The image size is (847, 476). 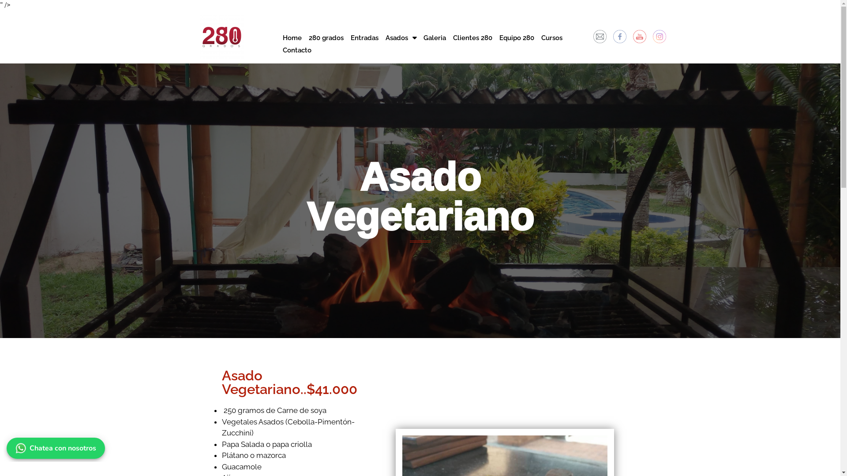 I want to click on 'Instagram', so click(x=652, y=36).